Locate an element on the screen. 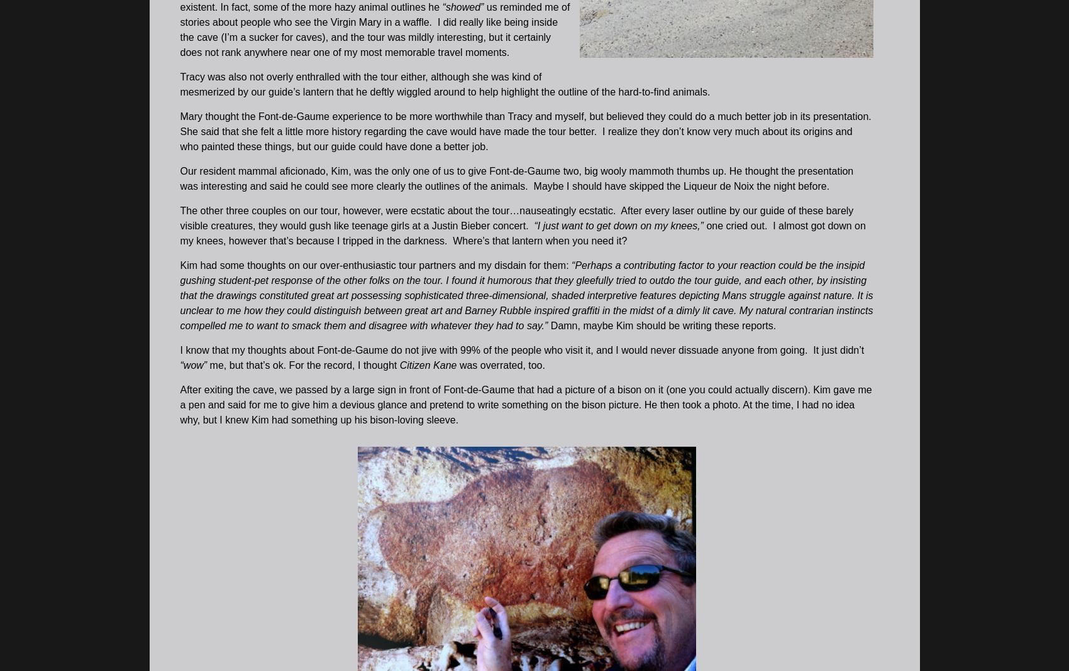 The width and height of the screenshot is (1069, 671). 'us reminded me of stories about people who see the Virgin Mary in a waffle.  I did really like being inside the cave (I’m a sucker for caves), and the tour was mildly interesting, but it certainly does not rank anywhere near one of my most memorable travel moments.' is located at coordinates (179, 28).